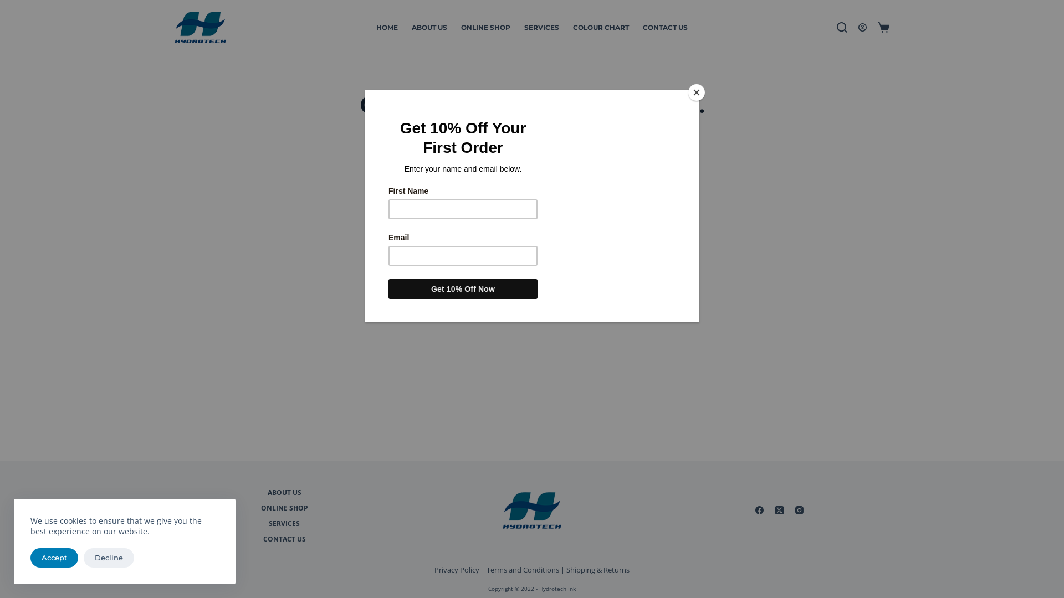 This screenshot has height=598, width=1064. Describe the element at coordinates (522, 570) in the screenshot. I see `'Terms and Conditions'` at that location.